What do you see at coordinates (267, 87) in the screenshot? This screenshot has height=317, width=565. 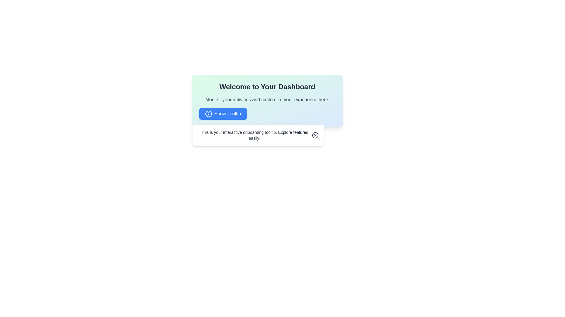 I see `the bold and large-sized text displaying 'Welcome to Your Dashboard,' which is prominently positioned at the top of a card layout with a gradient background` at bounding box center [267, 87].